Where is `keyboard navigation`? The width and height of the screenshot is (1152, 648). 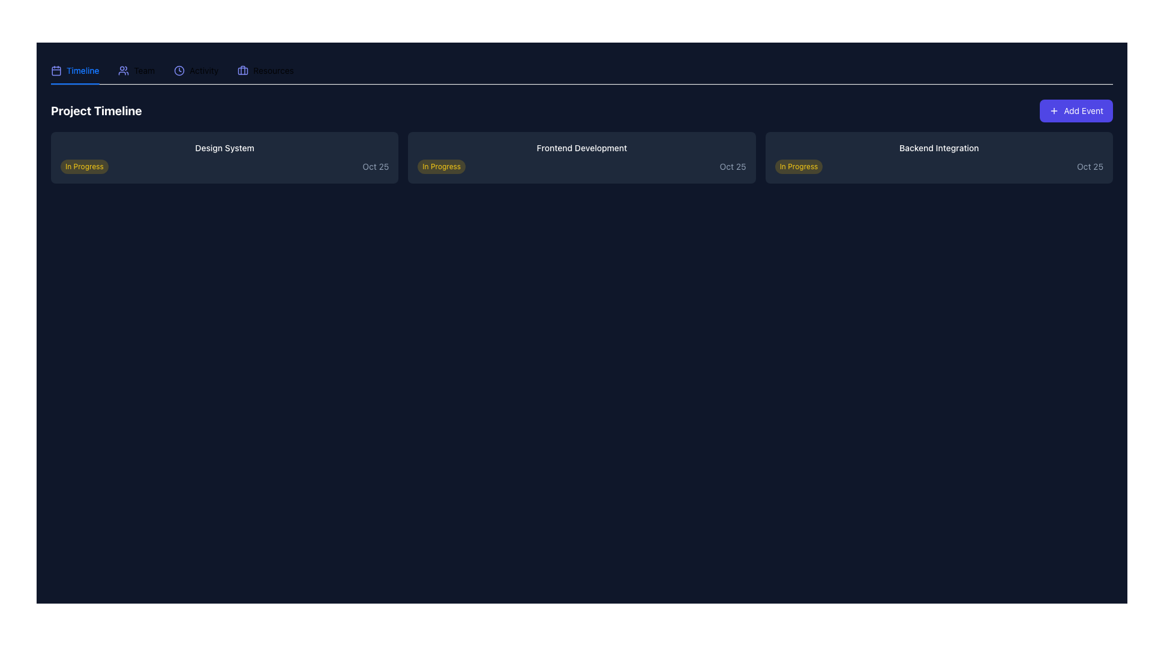 keyboard navigation is located at coordinates (172, 71).